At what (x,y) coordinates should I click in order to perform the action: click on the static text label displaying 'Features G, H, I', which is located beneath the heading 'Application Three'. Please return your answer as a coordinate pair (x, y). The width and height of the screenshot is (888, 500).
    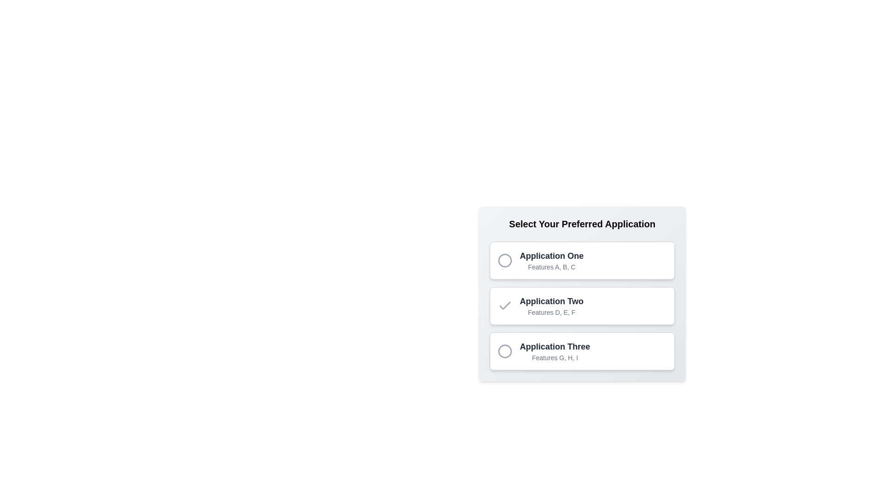
    Looking at the image, I should click on (555, 357).